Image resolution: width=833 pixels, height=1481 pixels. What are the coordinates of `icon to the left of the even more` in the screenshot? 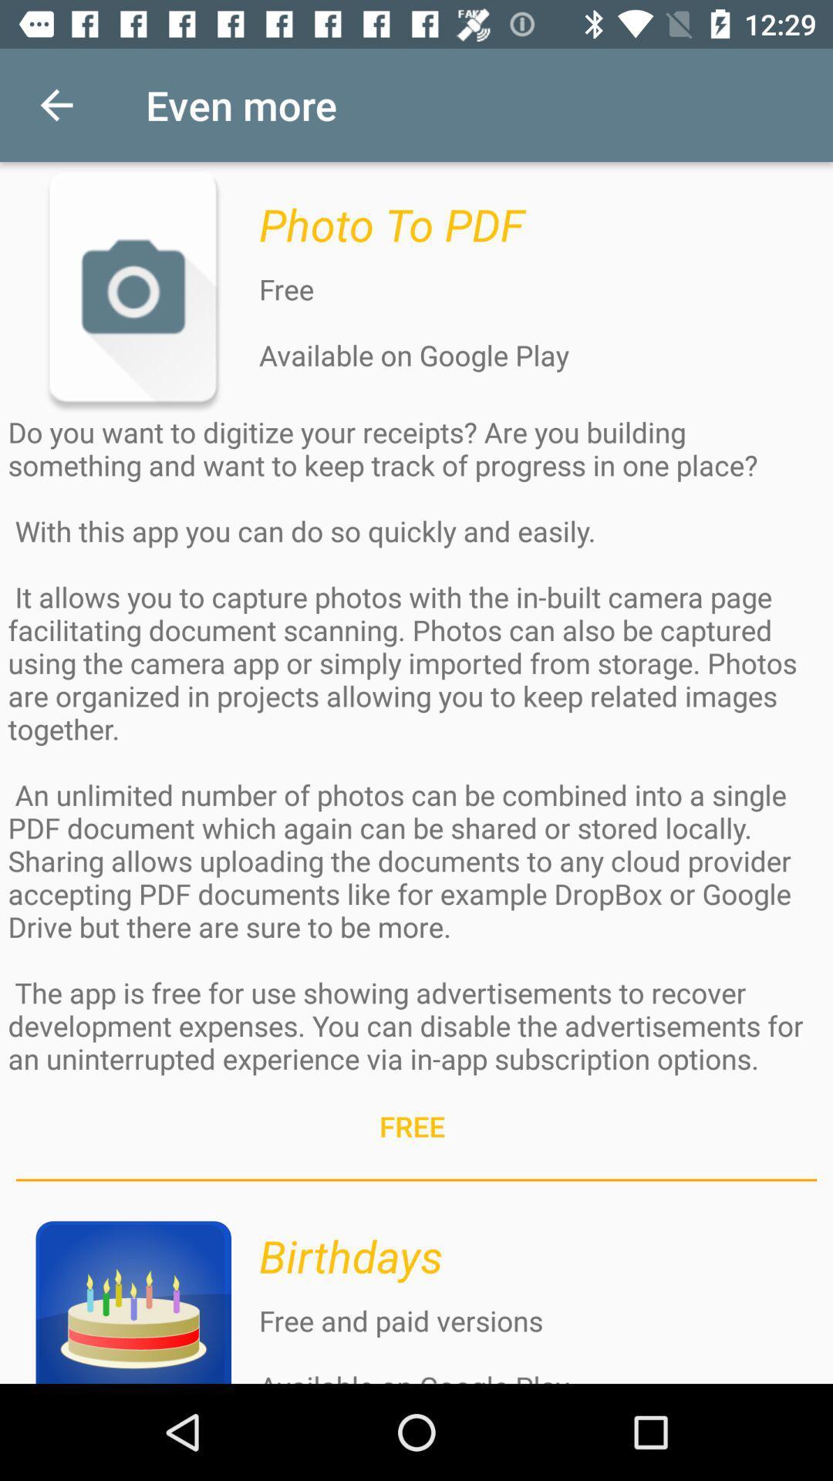 It's located at (56, 104).